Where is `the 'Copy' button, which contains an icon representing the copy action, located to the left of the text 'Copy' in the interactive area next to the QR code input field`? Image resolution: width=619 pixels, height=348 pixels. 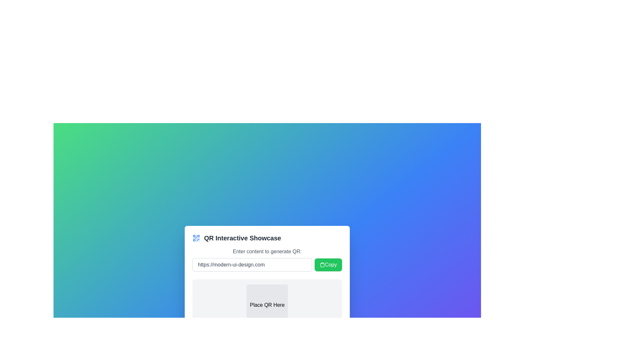 the 'Copy' button, which contains an icon representing the copy action, located to the left of the text 'Copy' in the interactive area next to the QR code input field is located at coordinates (322, 265).